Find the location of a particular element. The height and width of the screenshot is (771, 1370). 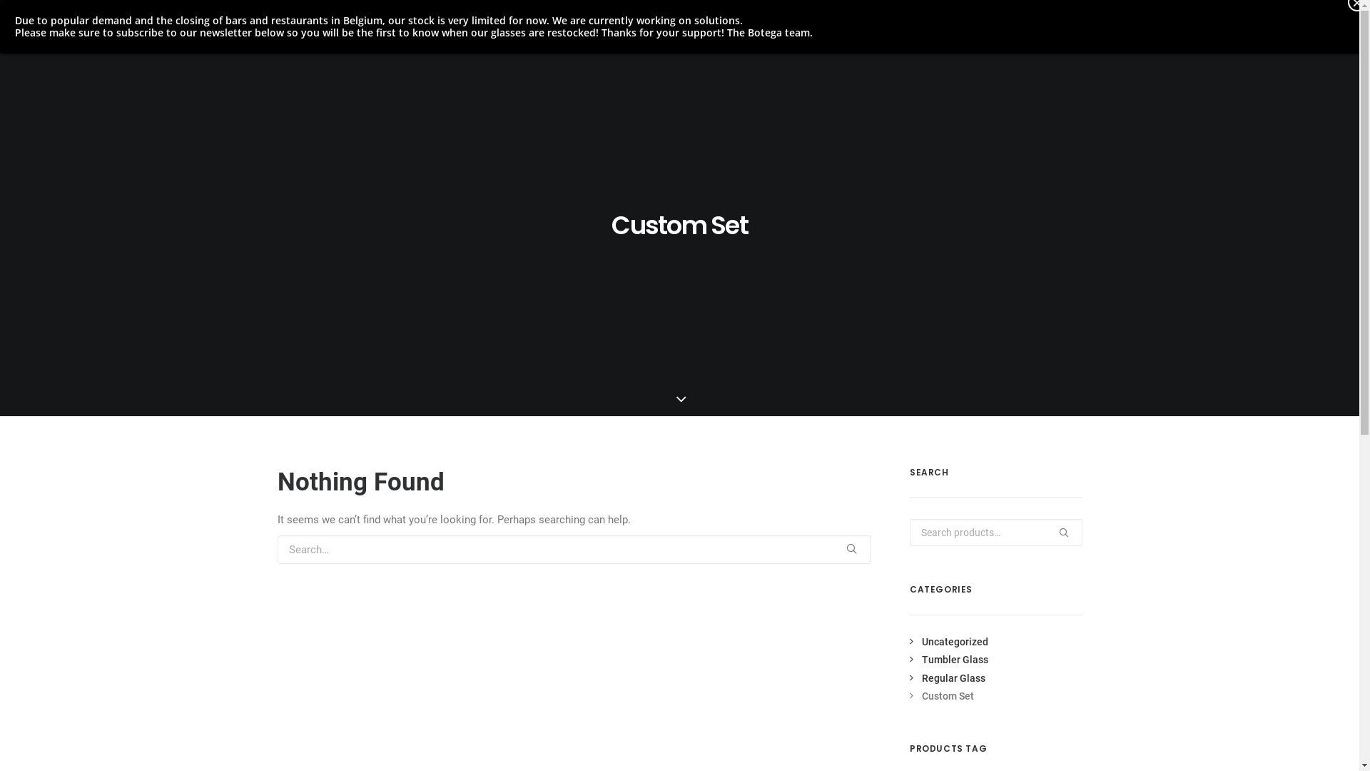

'cart' is located at coordinates (1326, 31).